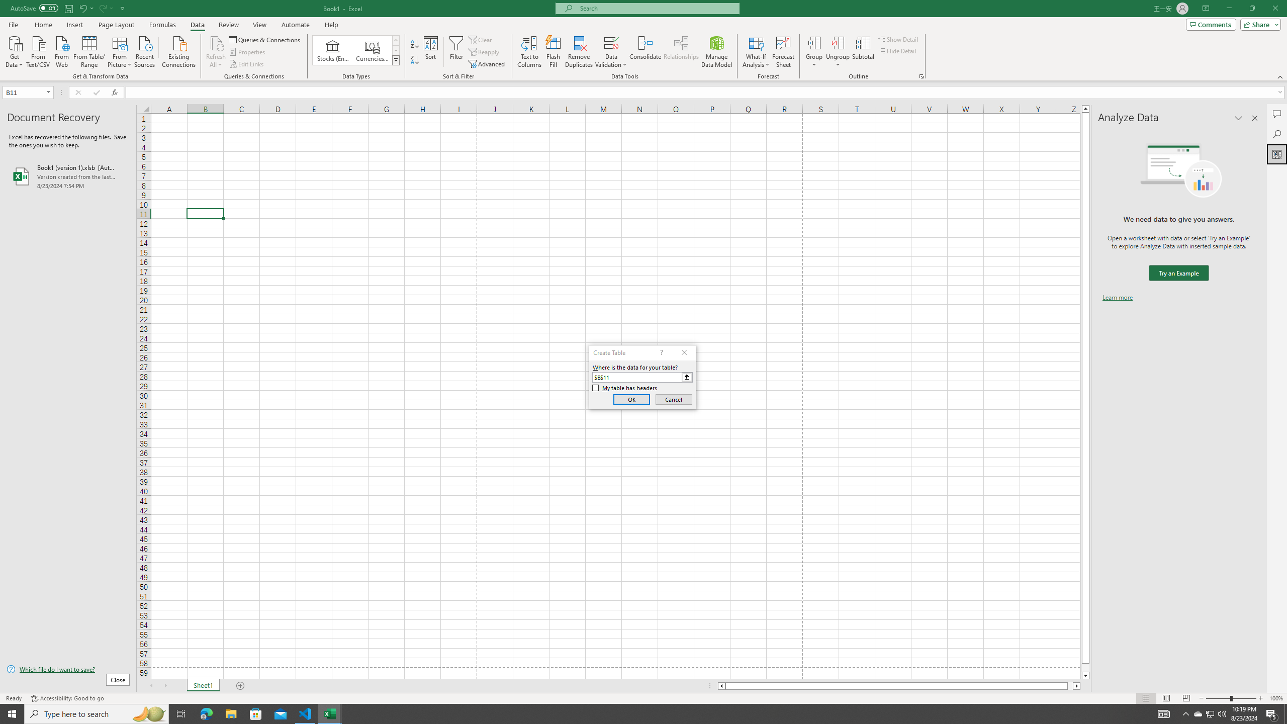 Image resolution: width=1287 pixels, height=724 pixels. Describe the element at coordinates (1085, 668) in the screenshot. I see `'Page down'` at that location.